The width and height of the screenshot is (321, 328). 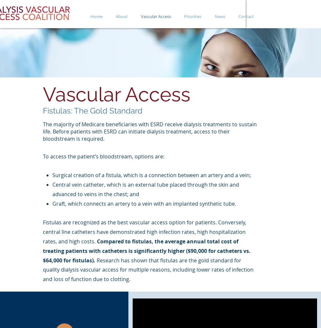 What do you see at coordinates (43, 269) in the screenshot?
I see `'Research has shown that fistulas are the gold standard for quality dialysis vascular access for multiple reasons, including lower rates of infection and loss of function due to clotting.'` at bounding box center [43, 269].